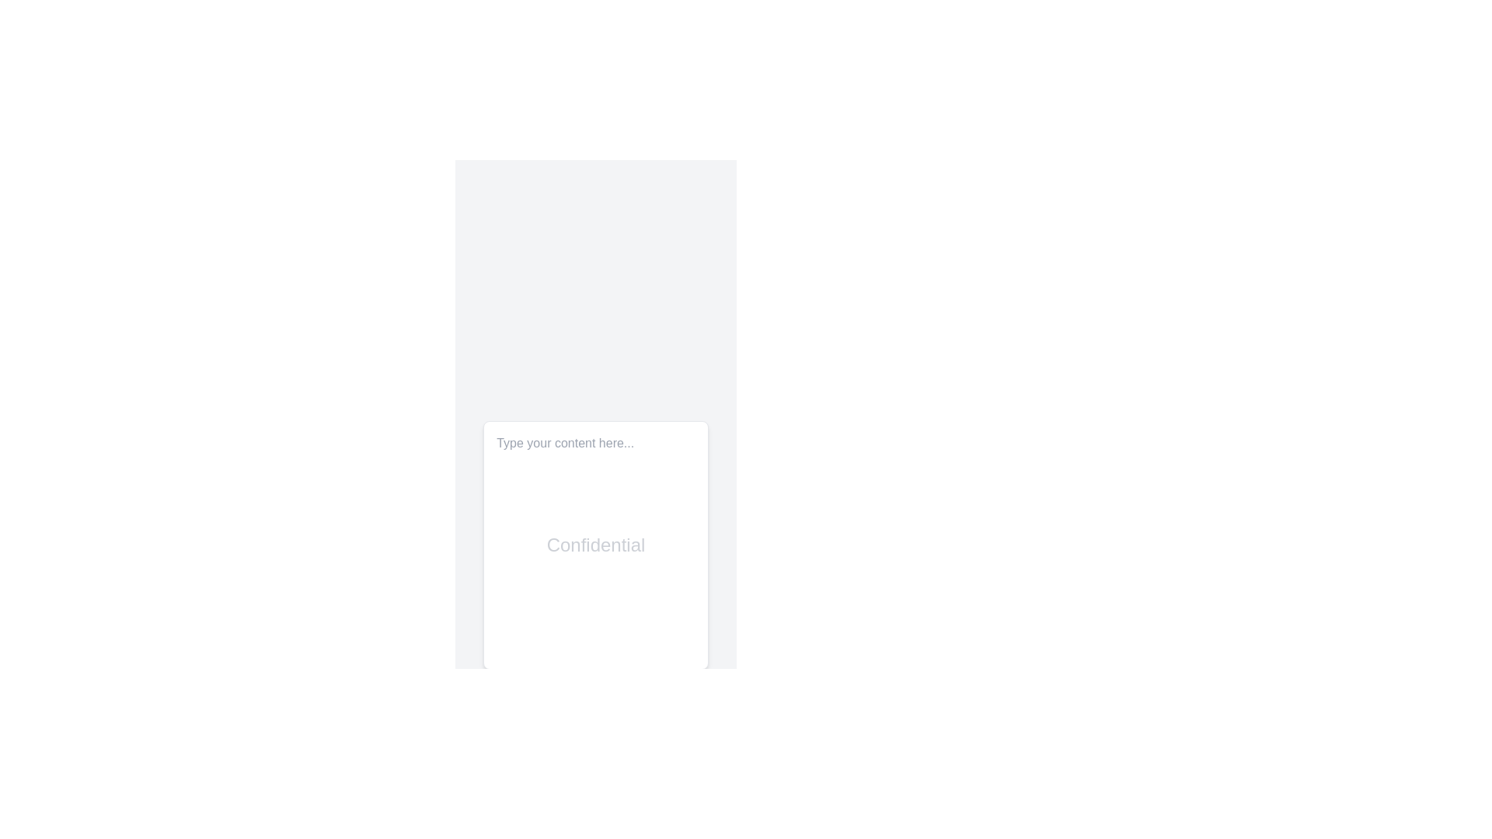 The image size is (1492, 839). I want to click on and delete the existing text in the text area labeled 'Confidential', which has a placeholder 'Type your content here...' and is visually represented as a rectangular white box with rounded corners, so click(595, 545).